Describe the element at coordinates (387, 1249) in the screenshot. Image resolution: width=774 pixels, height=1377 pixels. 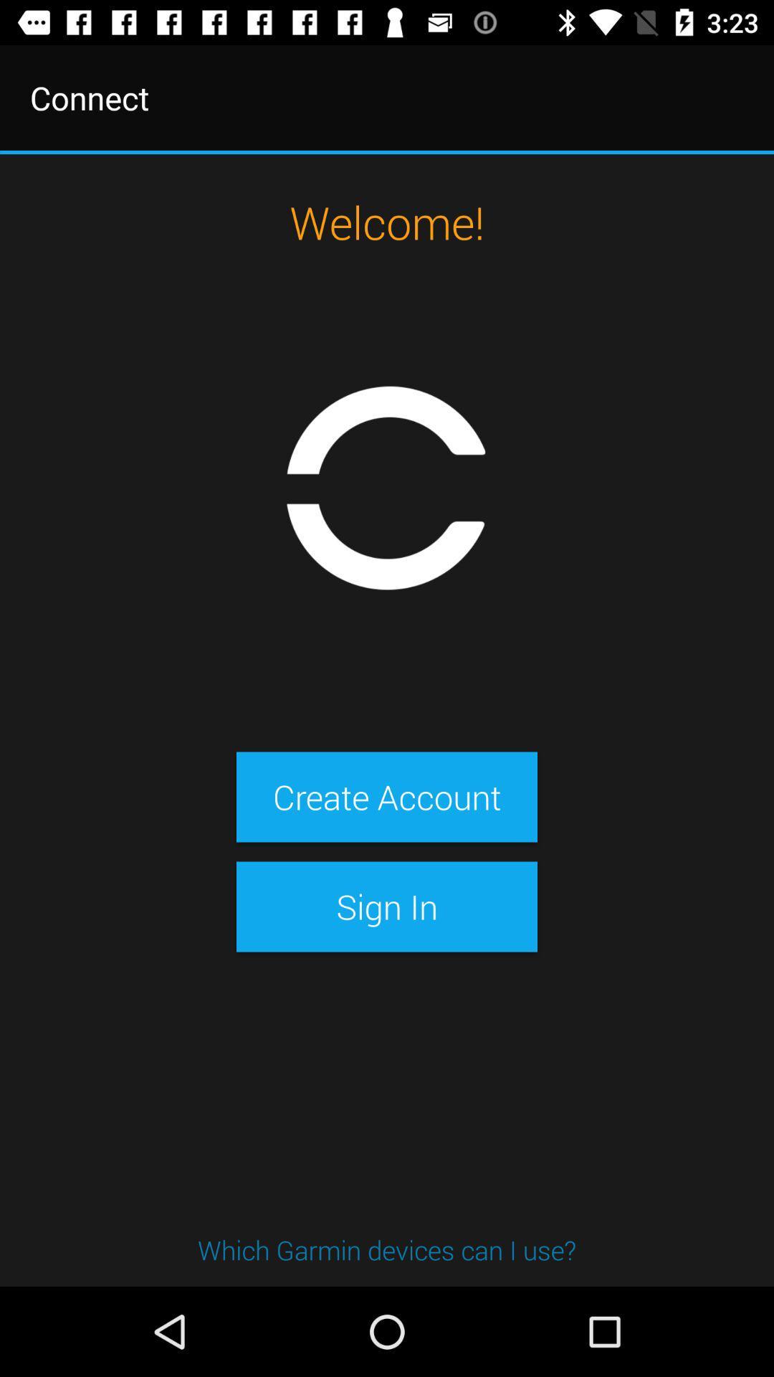
I see `icon below sign in item` at that location.